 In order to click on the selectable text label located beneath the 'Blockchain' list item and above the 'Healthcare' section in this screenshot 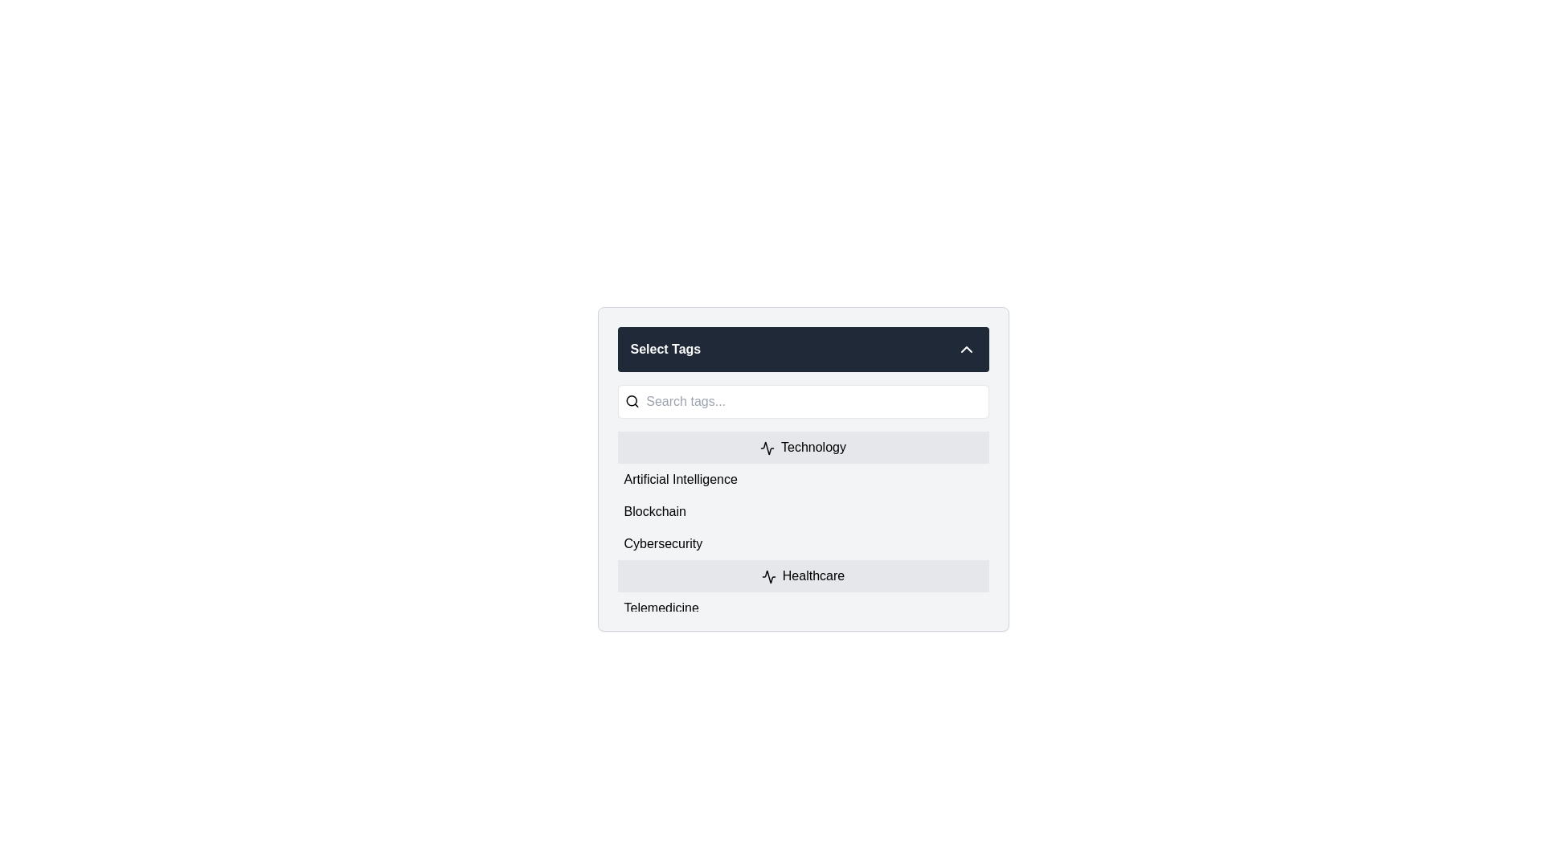, I will do `click(663, 543)`.